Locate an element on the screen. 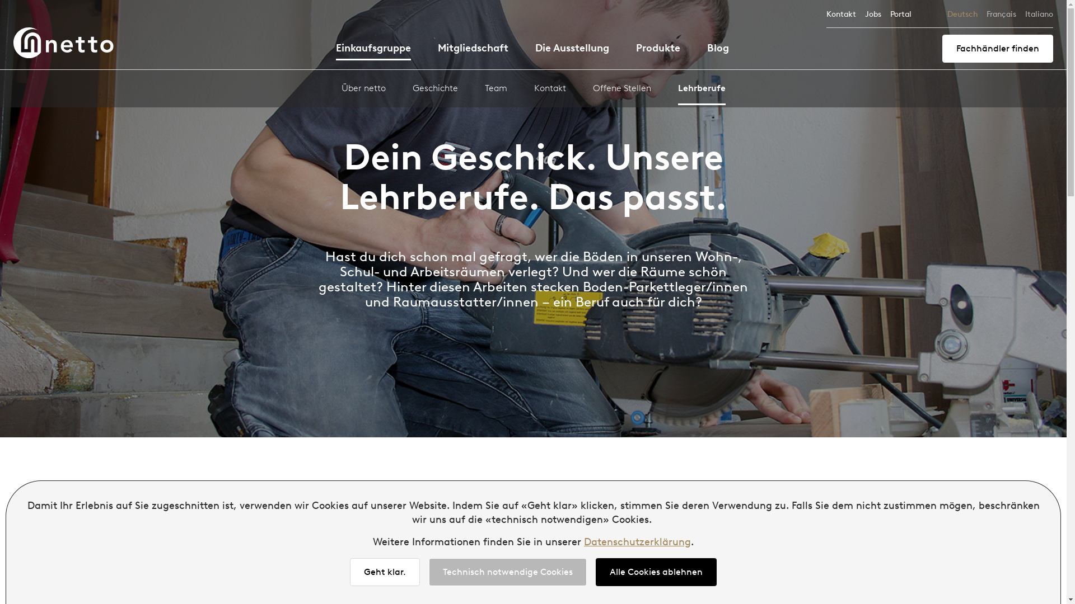 Image resolution: width=1075 pixels, height=604 pixels. 'Mitgliedschaft' is located at coordinates (473, 49).